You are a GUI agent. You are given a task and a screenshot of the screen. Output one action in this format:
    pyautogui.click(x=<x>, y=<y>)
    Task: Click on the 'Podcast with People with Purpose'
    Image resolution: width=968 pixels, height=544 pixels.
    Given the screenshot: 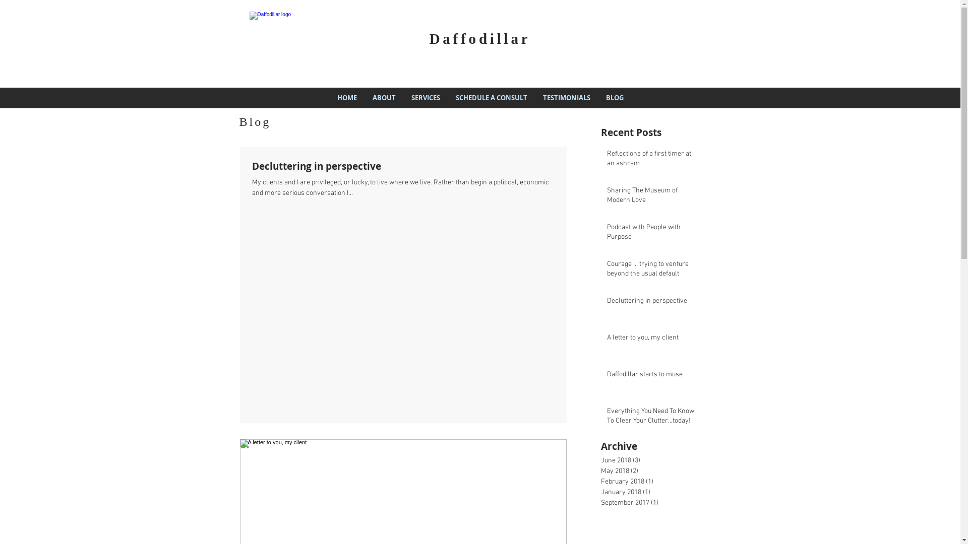 What is the action you would take?
    pyautogui.click(x=653, y=234)
    